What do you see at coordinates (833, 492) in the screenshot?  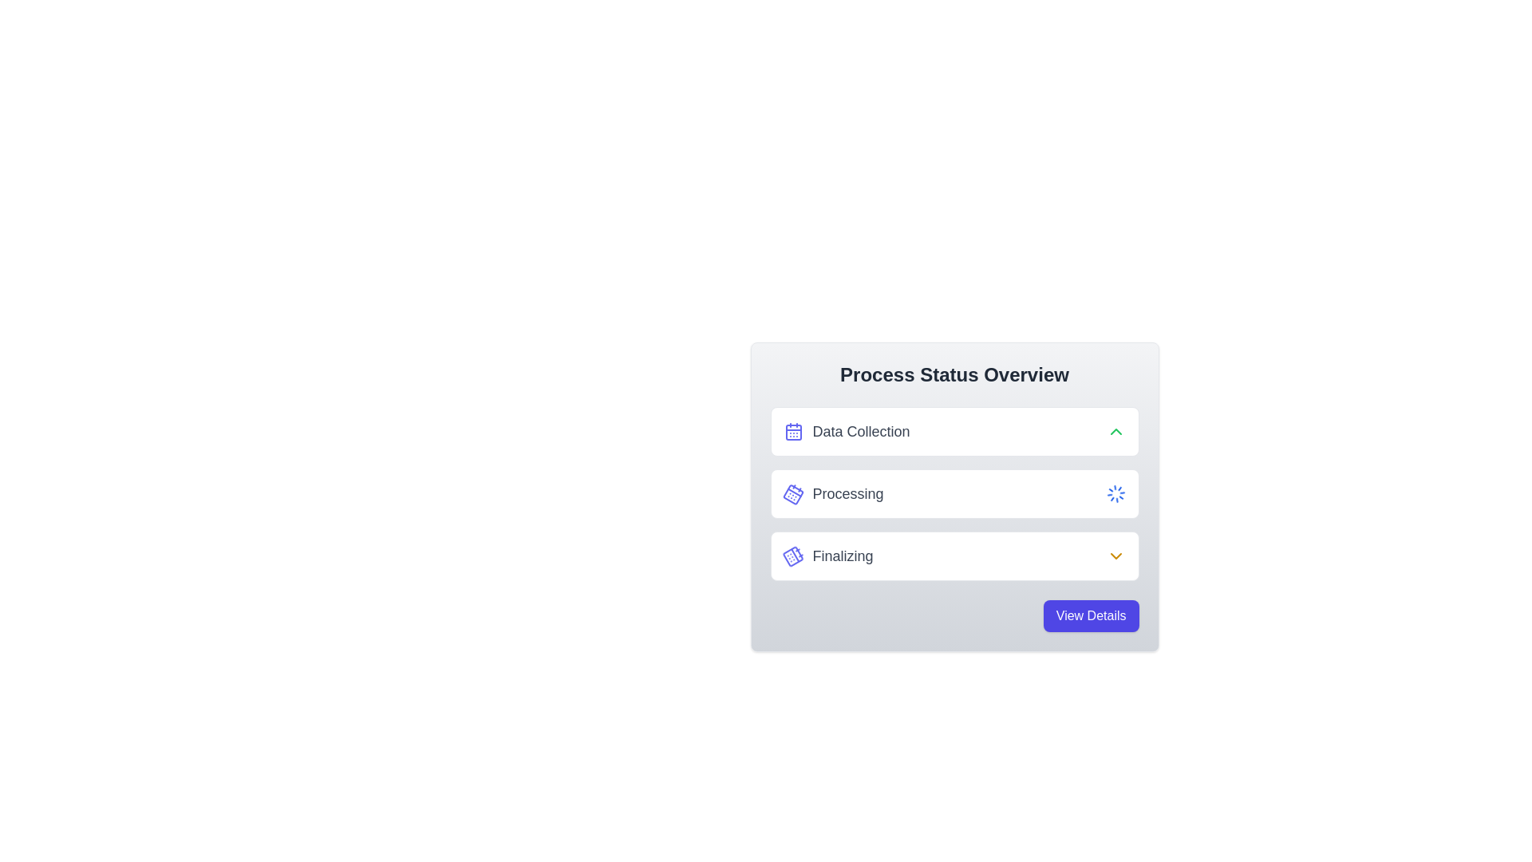 I see `the list item containing a tilted calendar icon and the text label 'Processing' in gray, which is the second item under 'Process Status Overview'` at bounding box center [833, 492].